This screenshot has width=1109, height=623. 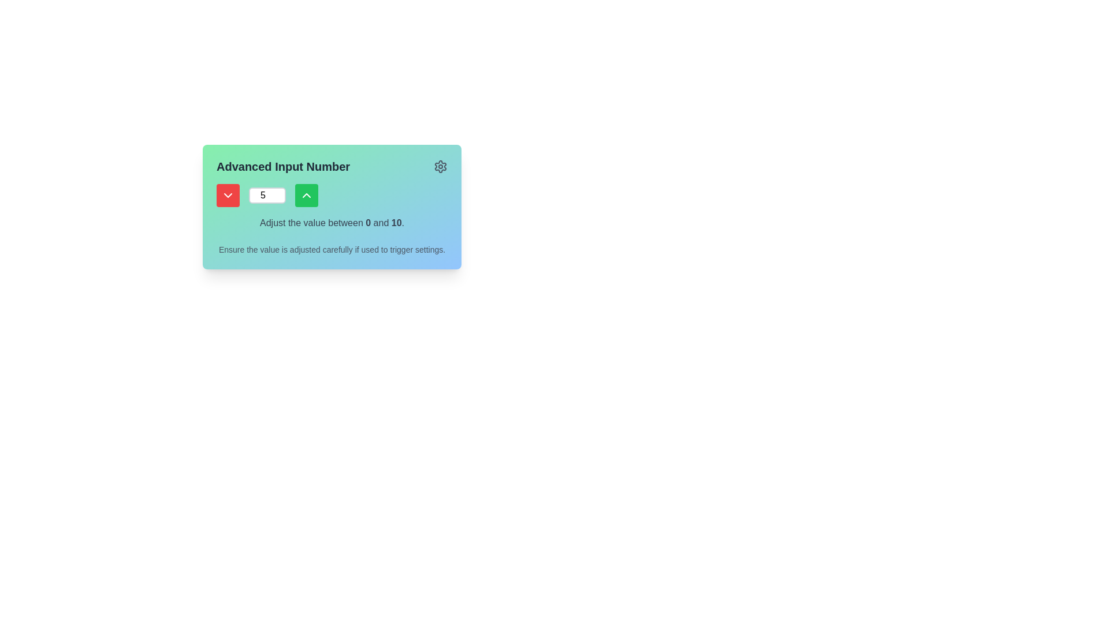 I want to click on the increment button located to the right of the numeric input field displaying '5', so click(x=307, y=195).